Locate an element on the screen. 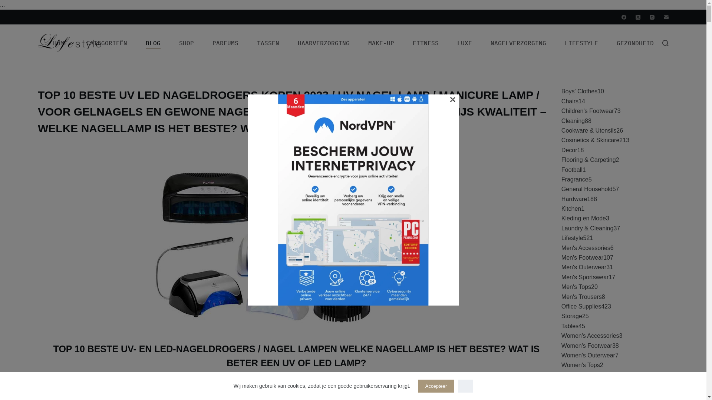  'Flooring & Carpeting' is located at coordinates (588, 159).